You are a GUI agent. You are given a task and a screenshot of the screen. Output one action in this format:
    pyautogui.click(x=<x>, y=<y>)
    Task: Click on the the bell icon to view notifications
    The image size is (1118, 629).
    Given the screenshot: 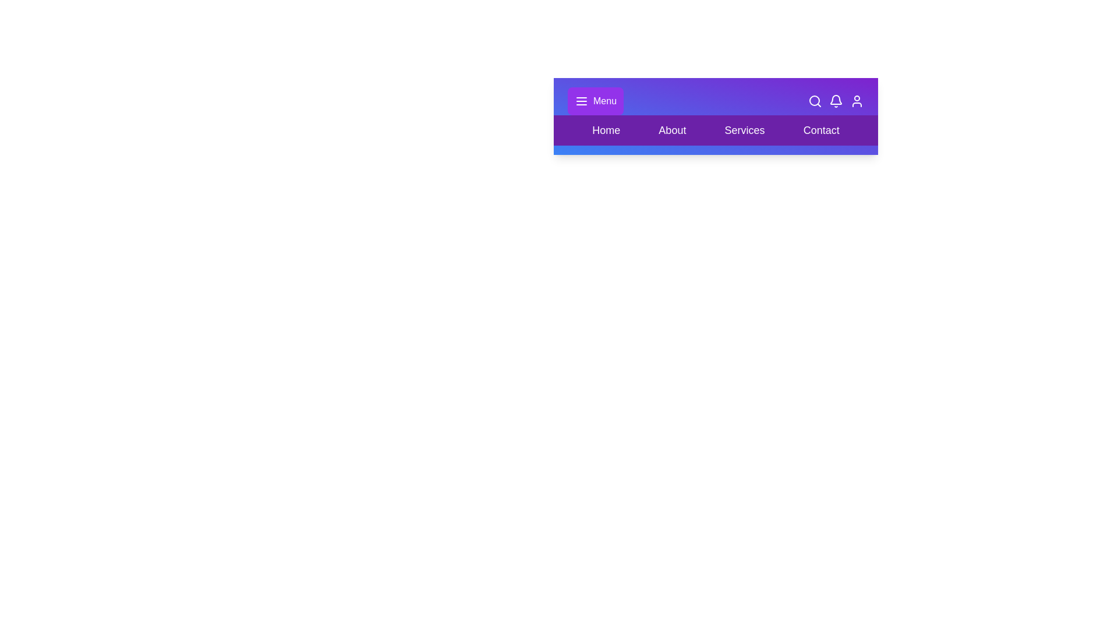 What is the action you would take?
    pyautogui.click(x=835, y=100)
    